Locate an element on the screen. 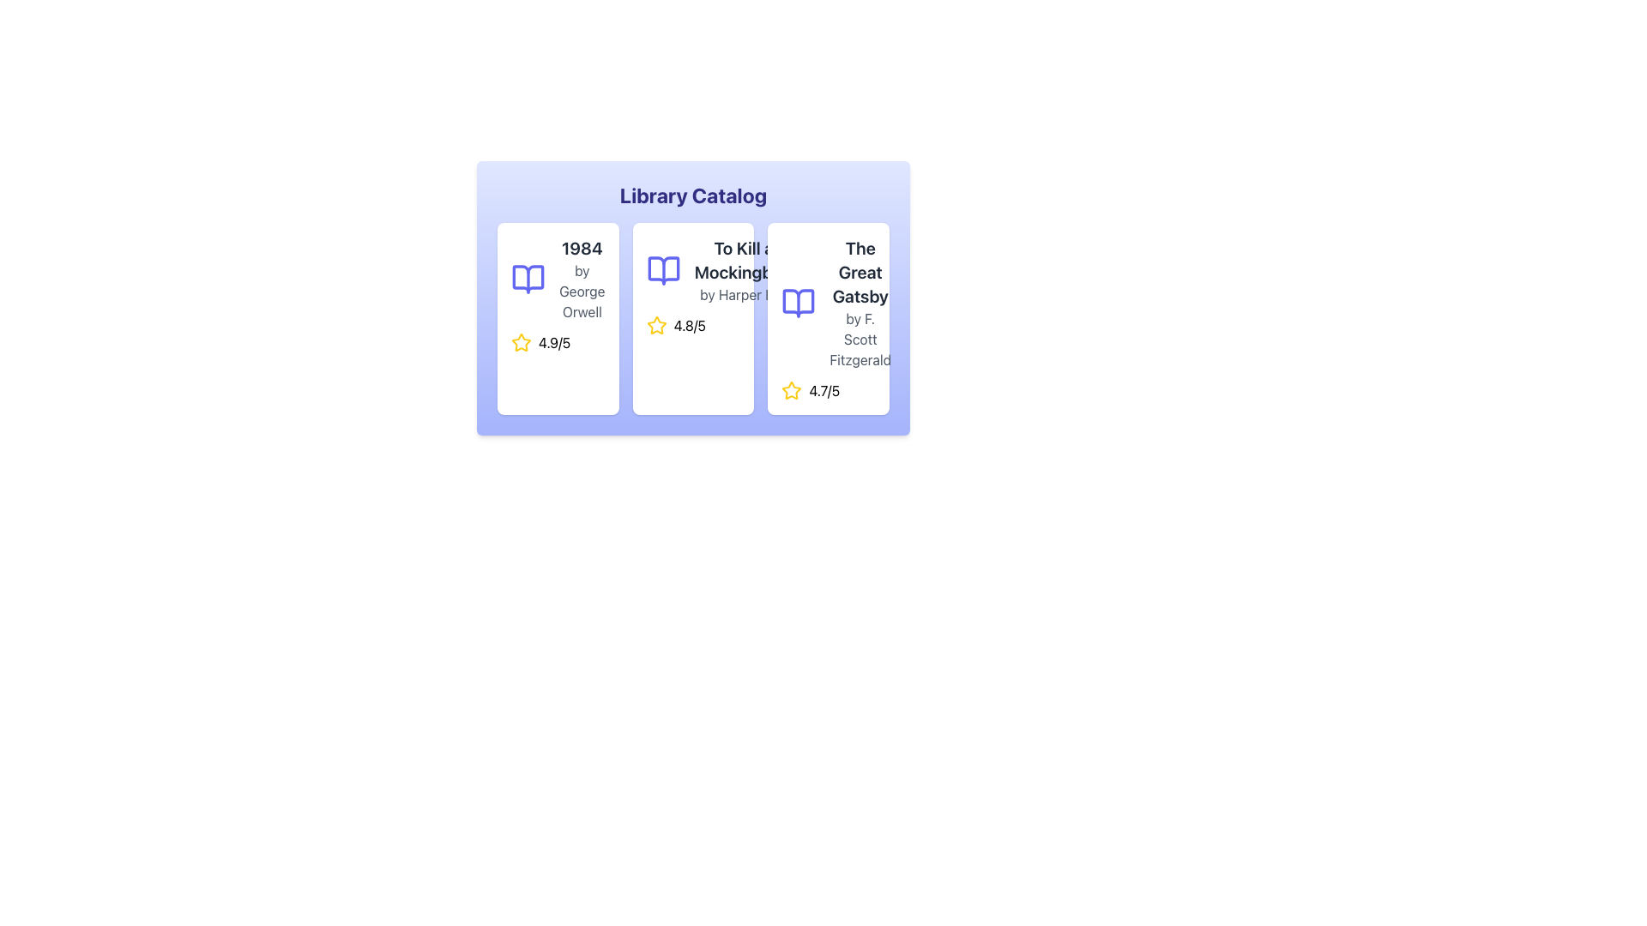 The image size is (1647, 926). the book icon that represents the content type in the Library Catalog card layout, positioned above the text '1984 by George Orwell' is located at coordinates (527, 279).